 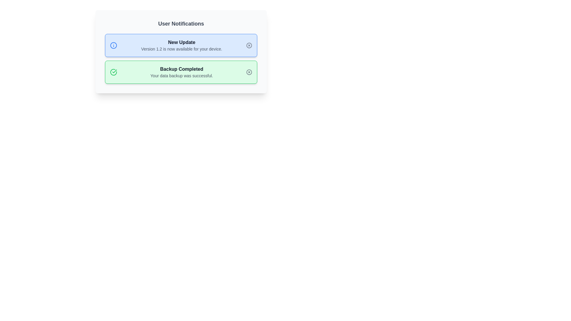 I want to click on the circular green icon with a checkmark inside, located in the bottom notification titled 'Backup Completed' in the left side of the notification panel, so click(x=114, y=72).